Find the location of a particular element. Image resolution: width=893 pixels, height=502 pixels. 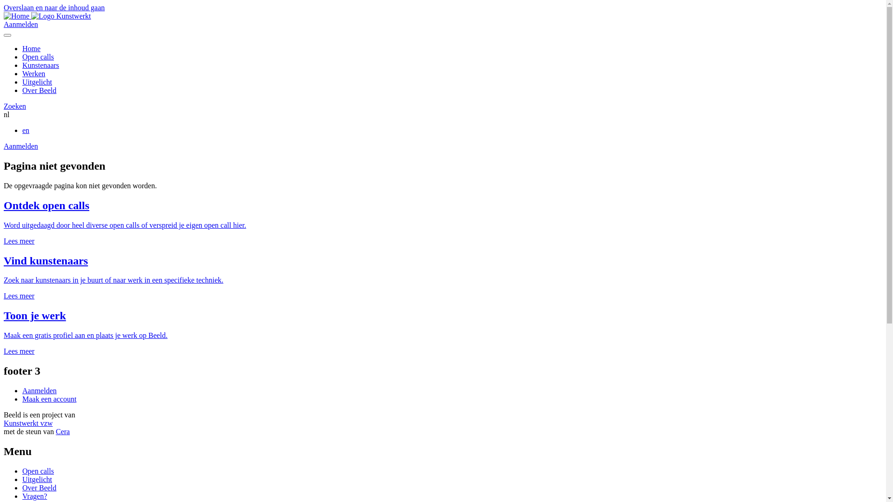

'Overslaan en naar de inhoud gaan' is located at coordinates (53, 7).